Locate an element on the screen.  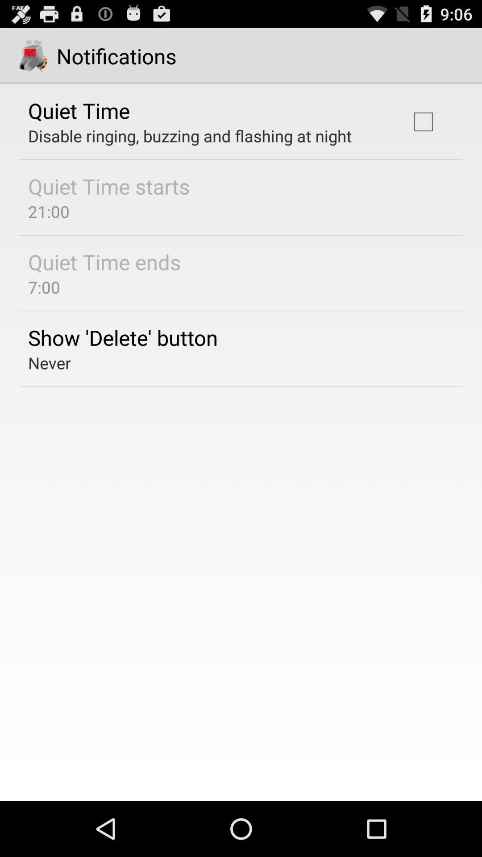
never icon is located at coordinates (50, 362).